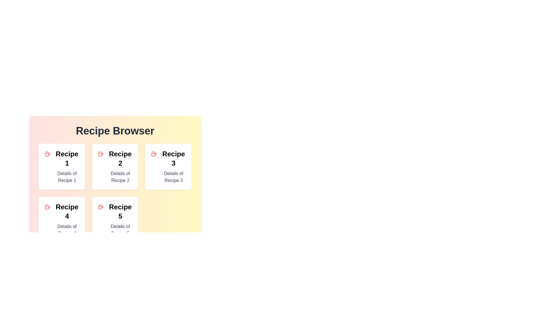 This screenshot has width=554, height=311. Describe the element at coordinates (115, 220) in the screenshot. I see `the Card UI element representing 'Recipe 5', located in the second row, third column of the grid layout` at that location.